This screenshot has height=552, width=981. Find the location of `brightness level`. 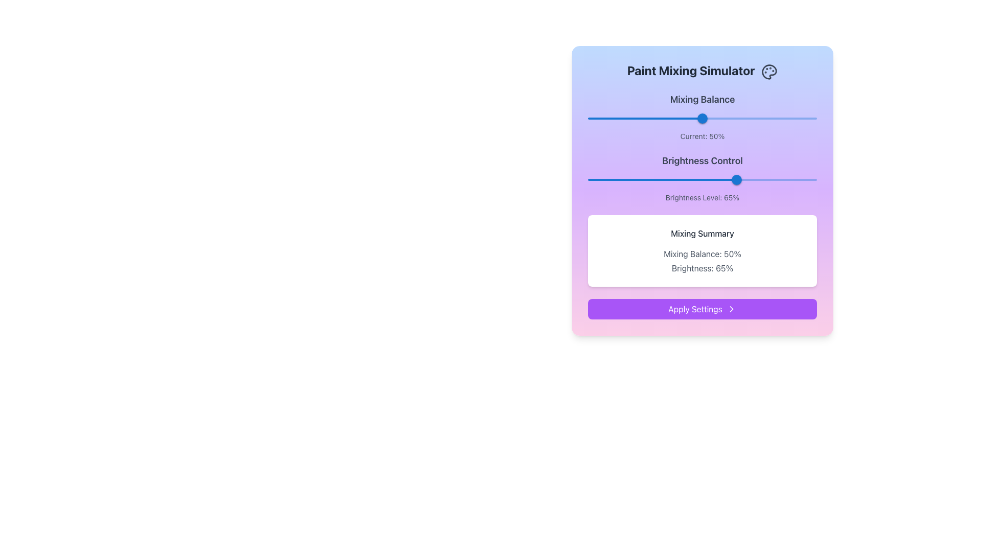

brightness level is located at coordinates (734, 179).